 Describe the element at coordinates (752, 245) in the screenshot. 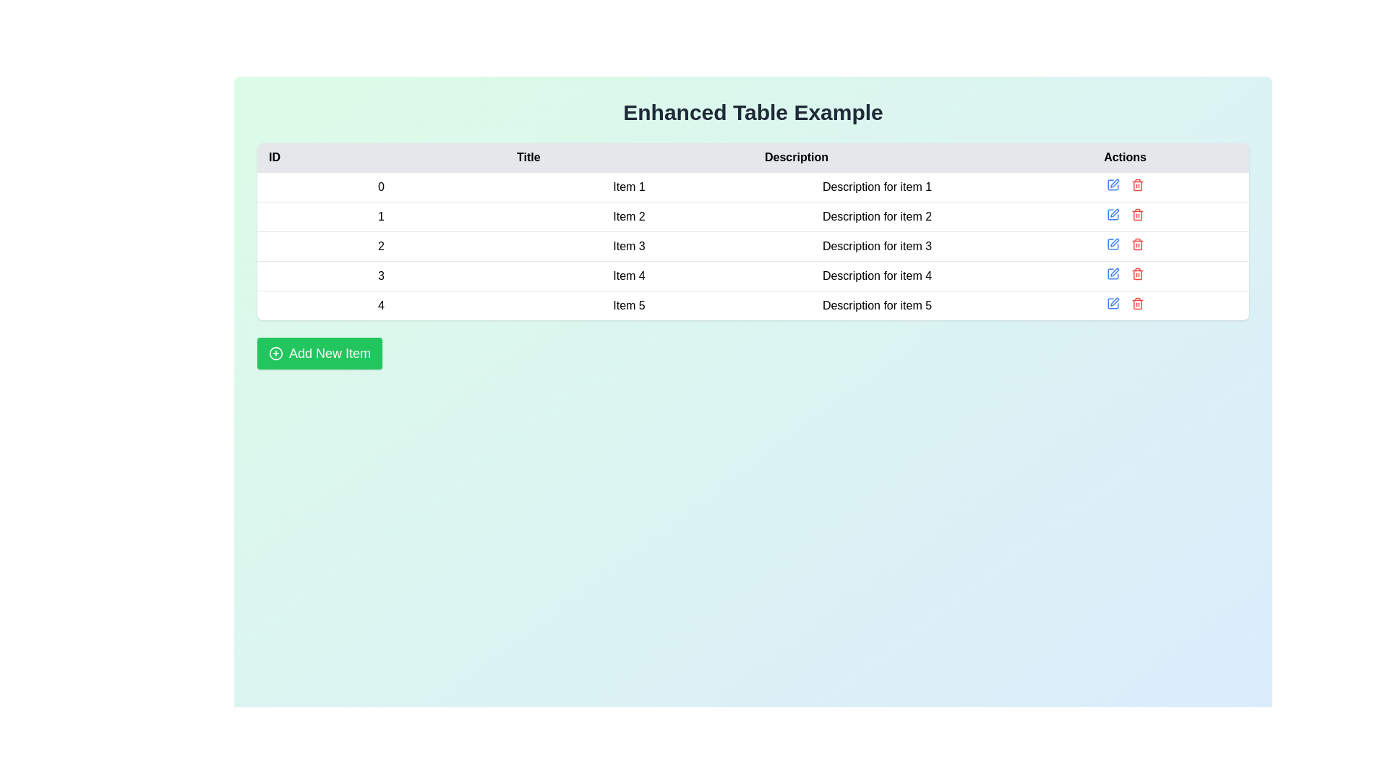

I see `the third row in the table which represents 'Item 3'` at that location.